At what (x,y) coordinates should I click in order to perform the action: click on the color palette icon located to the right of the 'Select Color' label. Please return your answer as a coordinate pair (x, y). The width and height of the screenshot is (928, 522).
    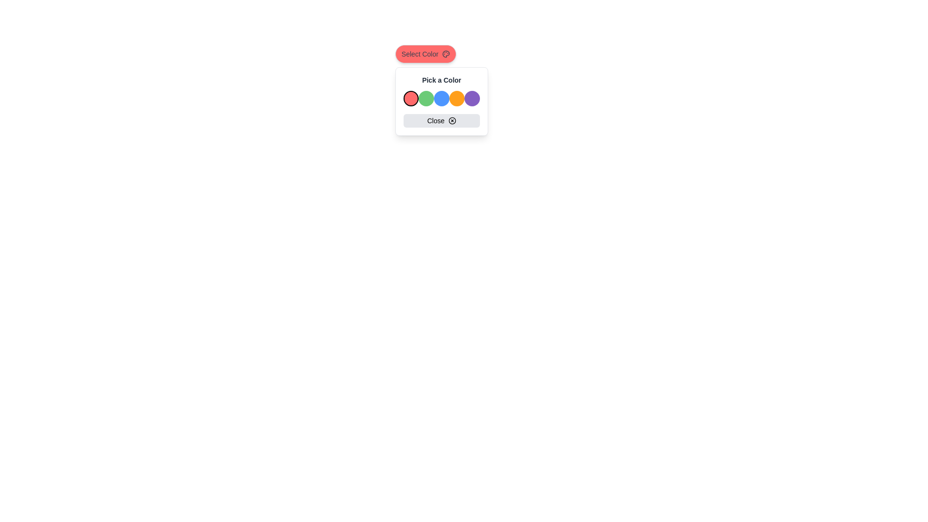
    Looking at the image, I should click on (446, 54).